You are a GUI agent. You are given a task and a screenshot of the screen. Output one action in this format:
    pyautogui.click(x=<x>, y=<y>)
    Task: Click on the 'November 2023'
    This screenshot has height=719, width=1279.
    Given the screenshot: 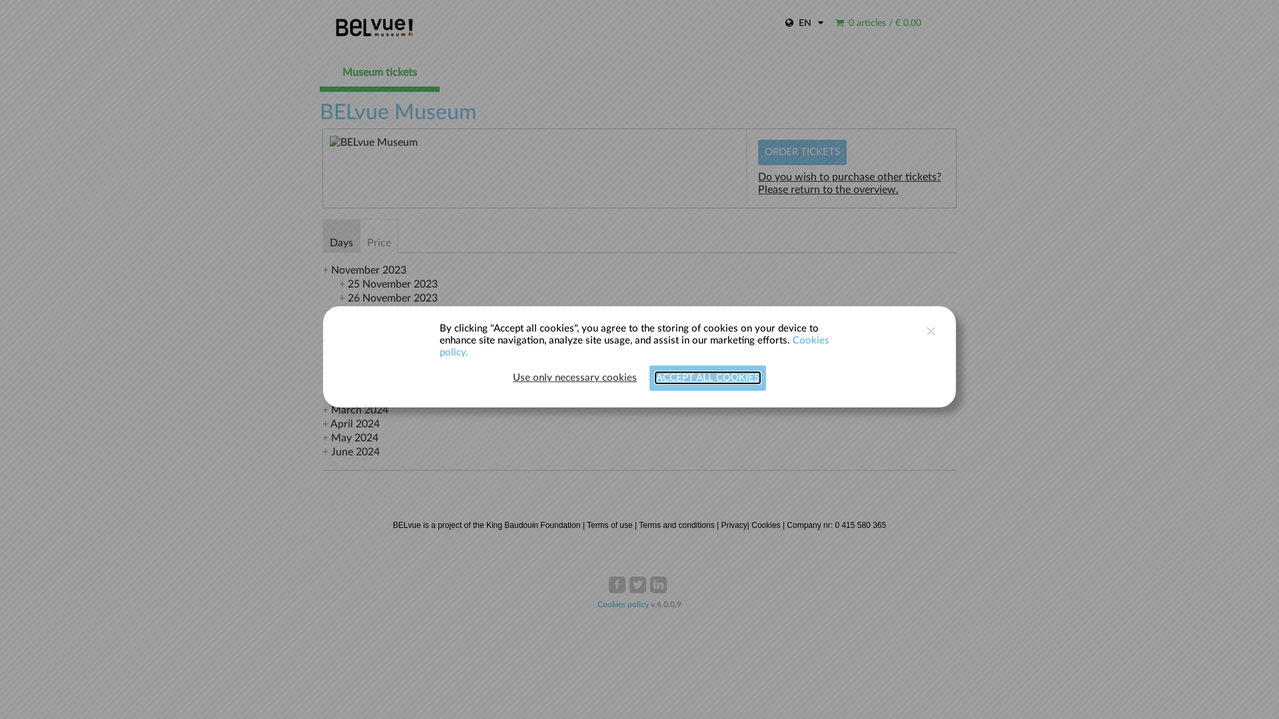 What is the action you would take?
    pyautogui.click(x=368, y=270)
    